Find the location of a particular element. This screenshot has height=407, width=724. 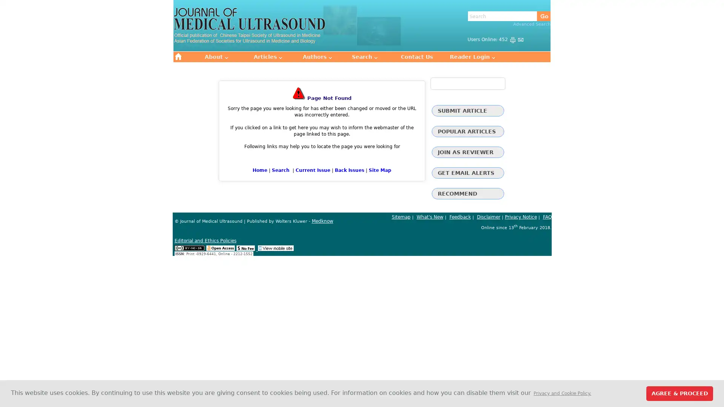

dismiss cookie message is located at coordinates (680, 393).